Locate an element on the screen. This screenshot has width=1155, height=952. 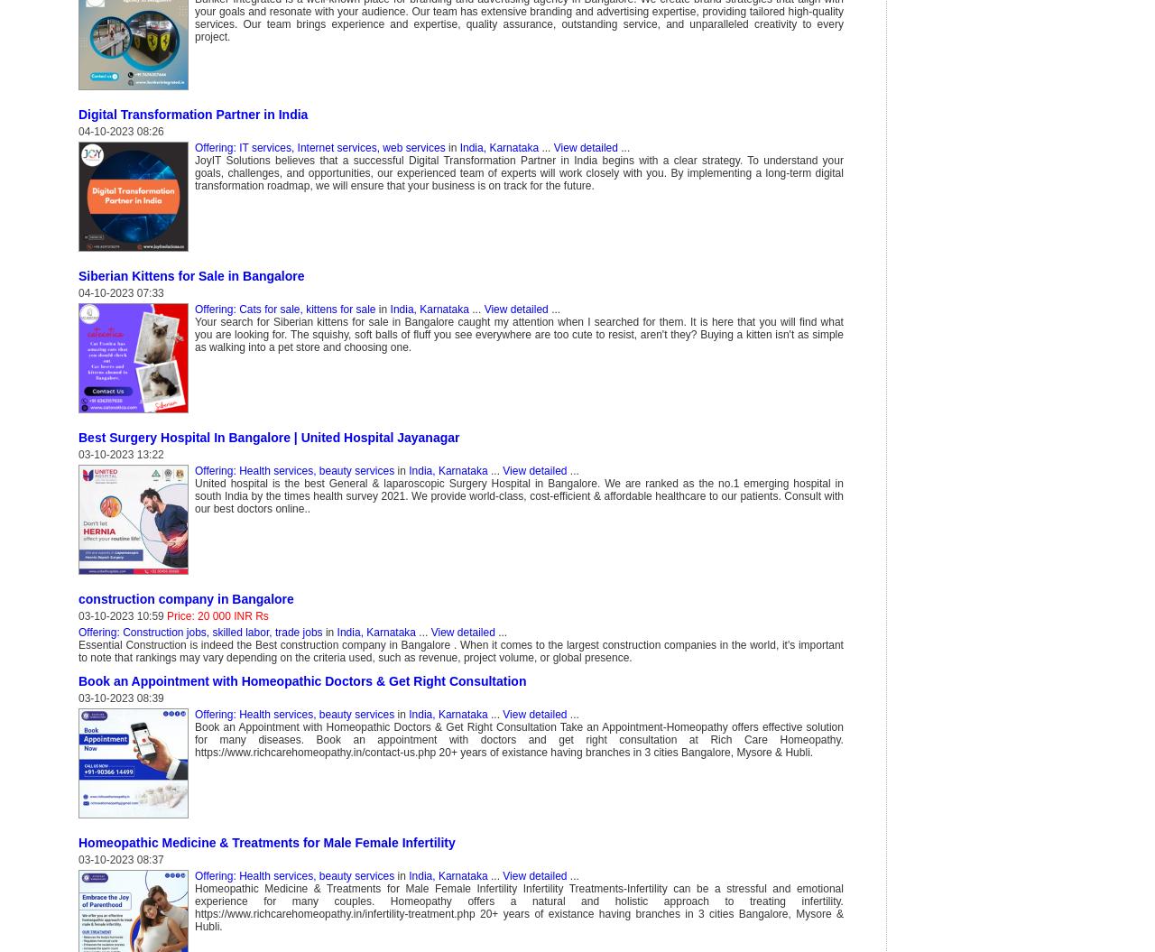
'construction company in Bangalore' is located at coordinates (78, 596).